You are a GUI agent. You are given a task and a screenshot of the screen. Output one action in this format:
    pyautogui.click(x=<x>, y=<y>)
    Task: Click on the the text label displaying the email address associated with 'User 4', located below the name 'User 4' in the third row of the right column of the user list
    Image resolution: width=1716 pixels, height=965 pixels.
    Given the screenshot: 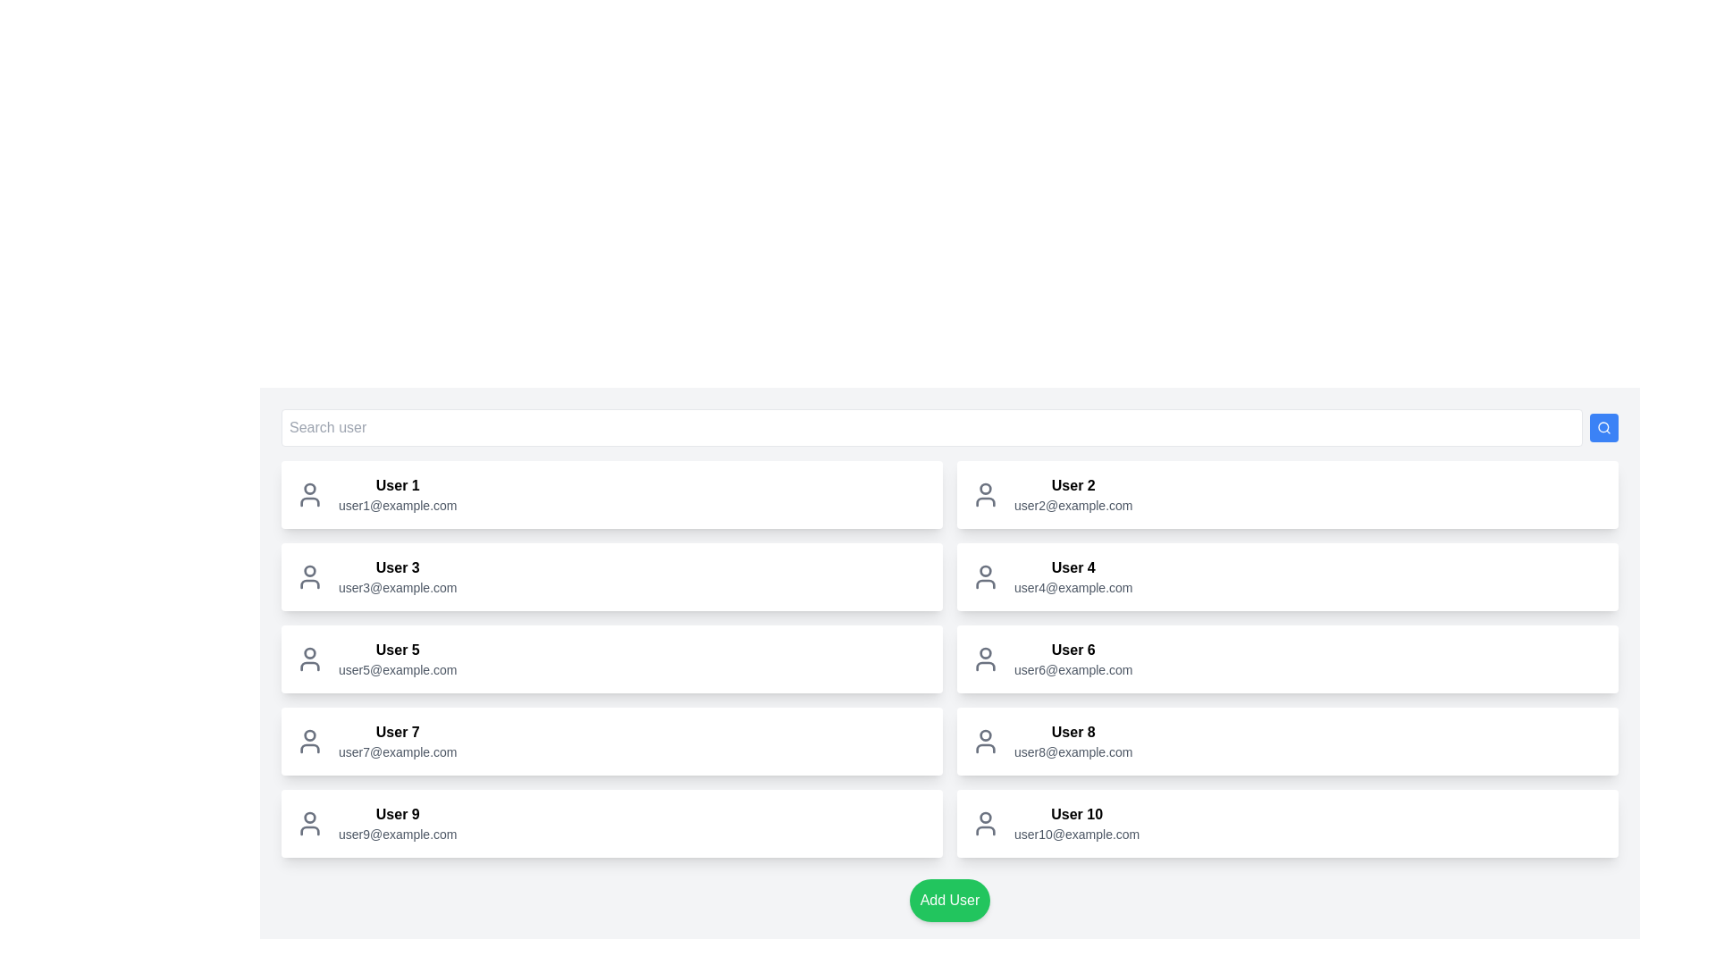 What is the action you would take?
    pyautogui.click(x=1072, y=588)
    